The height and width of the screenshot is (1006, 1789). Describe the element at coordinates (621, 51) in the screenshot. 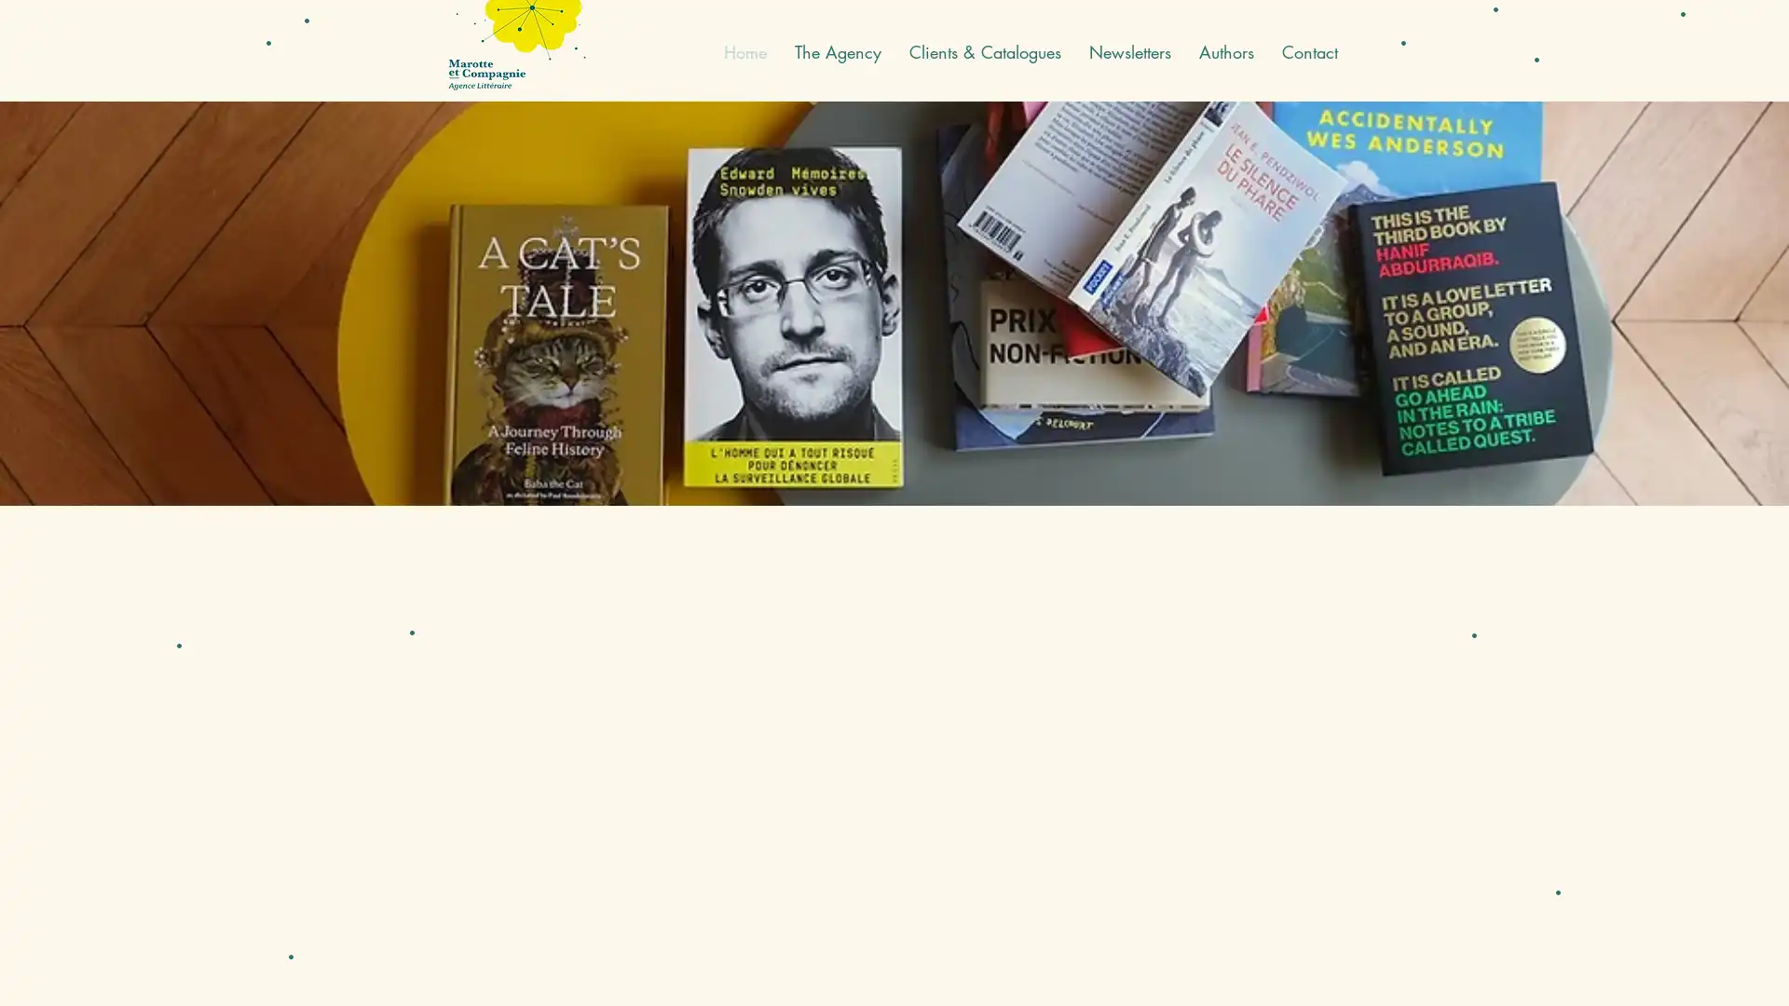

I see `French` at that location.